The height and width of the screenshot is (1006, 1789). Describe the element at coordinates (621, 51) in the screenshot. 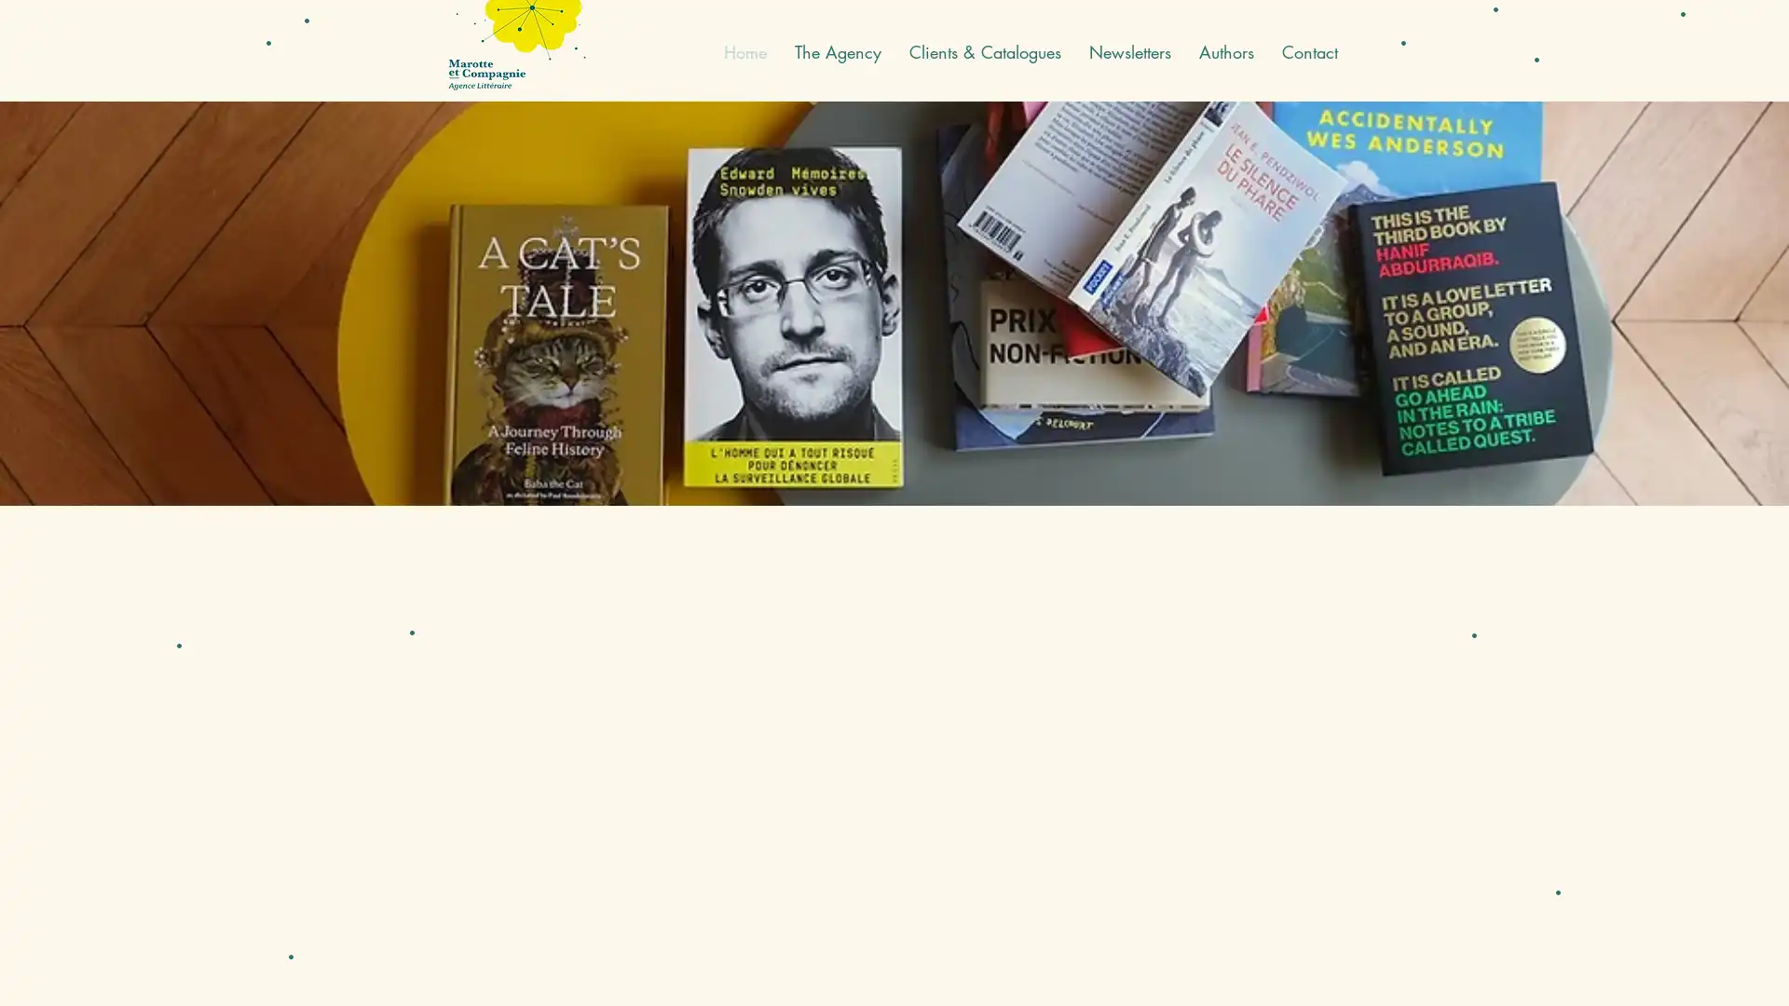

I see `French` at that location.